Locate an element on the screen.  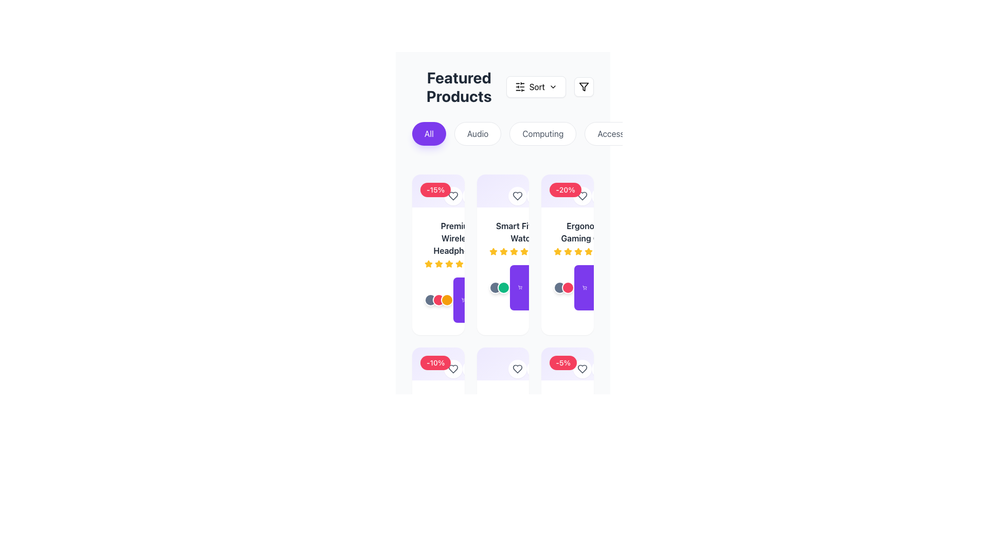
the fifth star icon in the rating display for the 'Smart Fitness Watch' product card, which is a bright amber-yellow five-point star with rounded corners is located at coordinates (514, 252).